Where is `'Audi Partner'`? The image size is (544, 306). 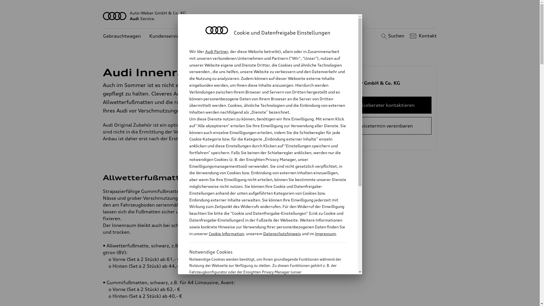
'Audi Partner' is located at coordinates (216, 51).